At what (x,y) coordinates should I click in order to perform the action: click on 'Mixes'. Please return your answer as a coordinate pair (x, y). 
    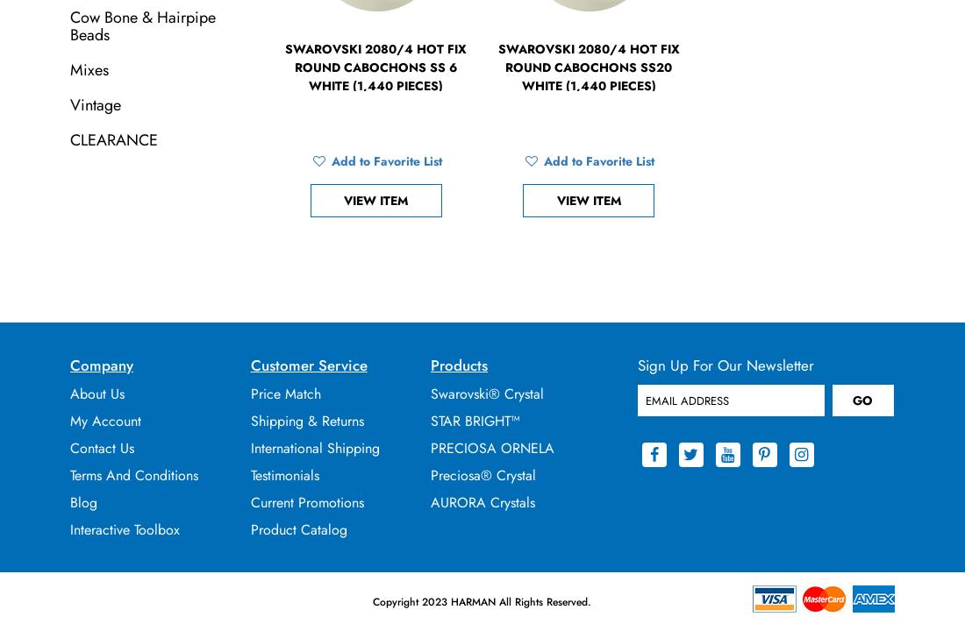
    Looking at the image, I should click on (69, 68).